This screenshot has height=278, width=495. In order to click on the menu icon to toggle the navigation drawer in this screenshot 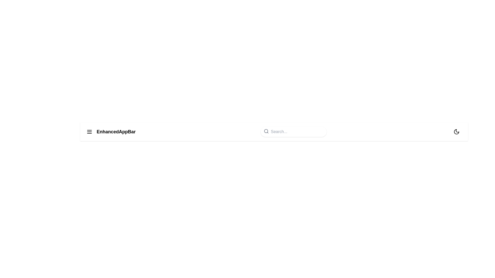, I will do `click(89, 132)`.